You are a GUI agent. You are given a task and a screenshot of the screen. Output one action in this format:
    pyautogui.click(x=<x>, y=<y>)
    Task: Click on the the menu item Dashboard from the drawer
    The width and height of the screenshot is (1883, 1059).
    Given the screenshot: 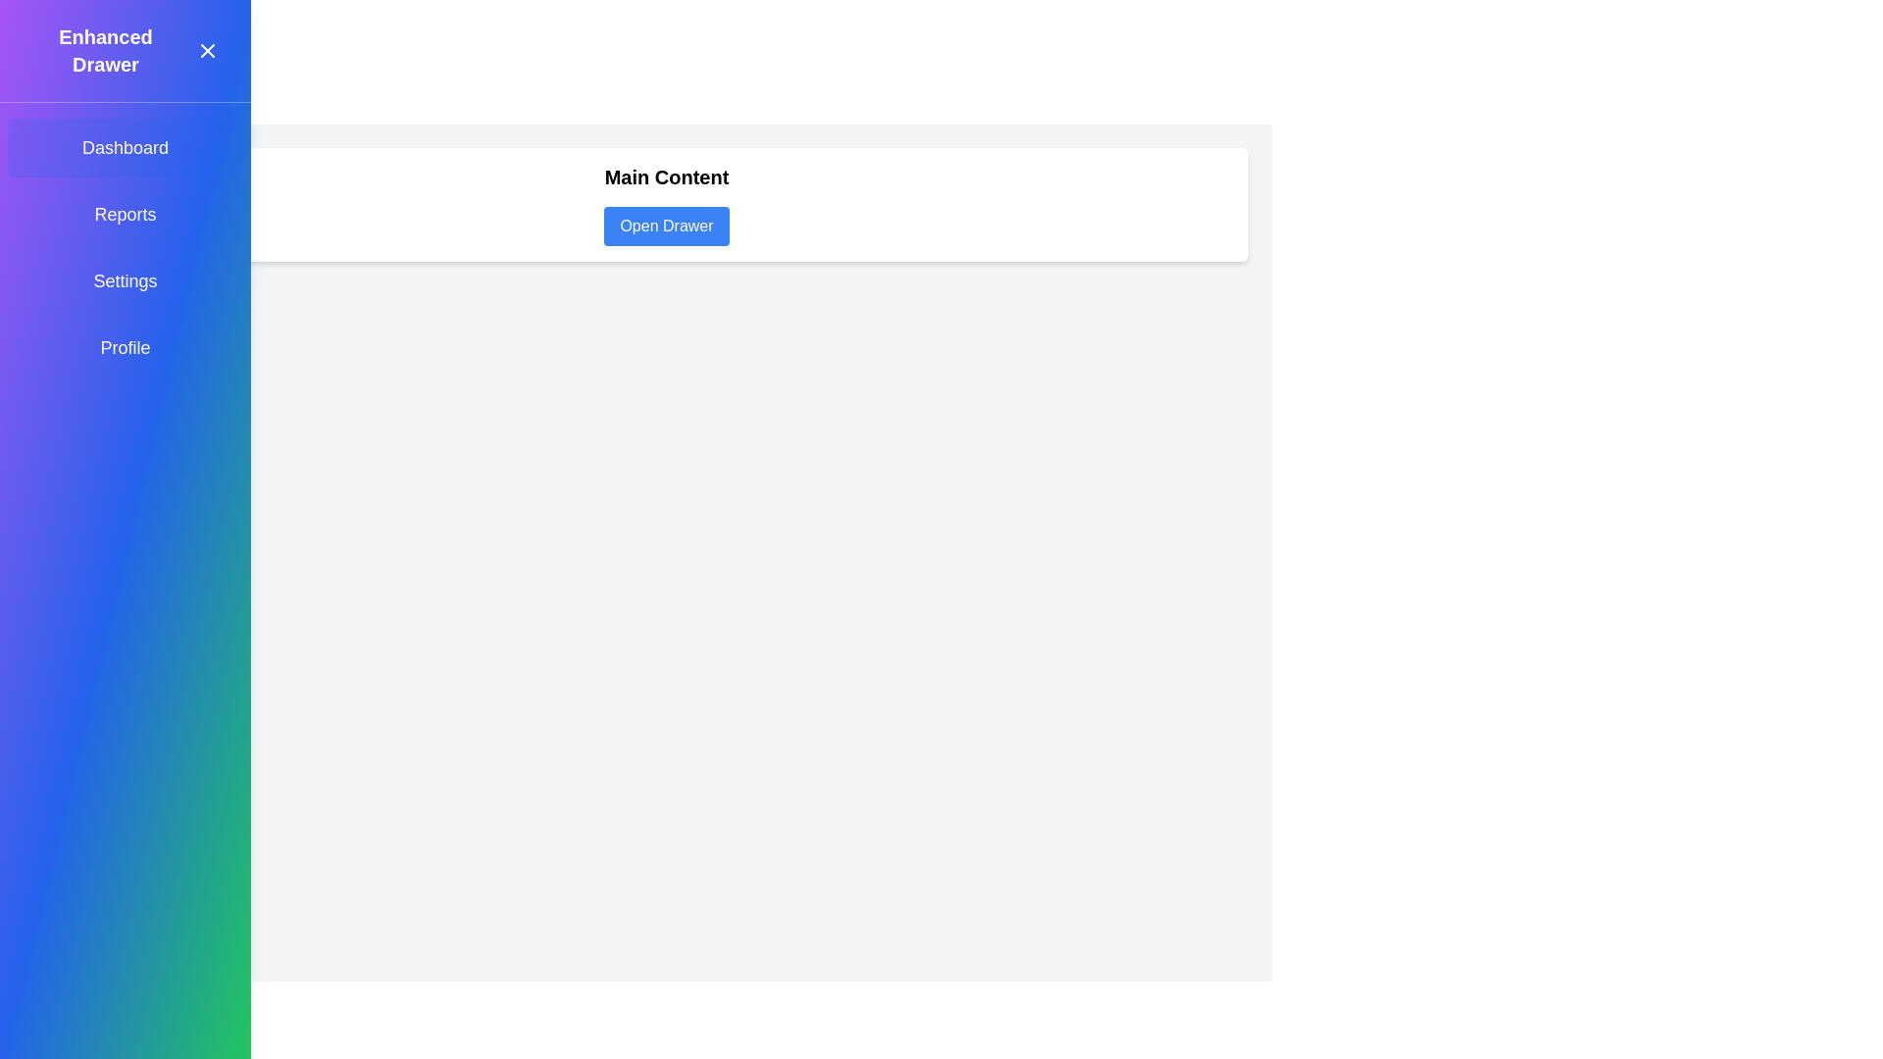 What is the action you would take?
    pyautogui.click(x=125, y=146)
    